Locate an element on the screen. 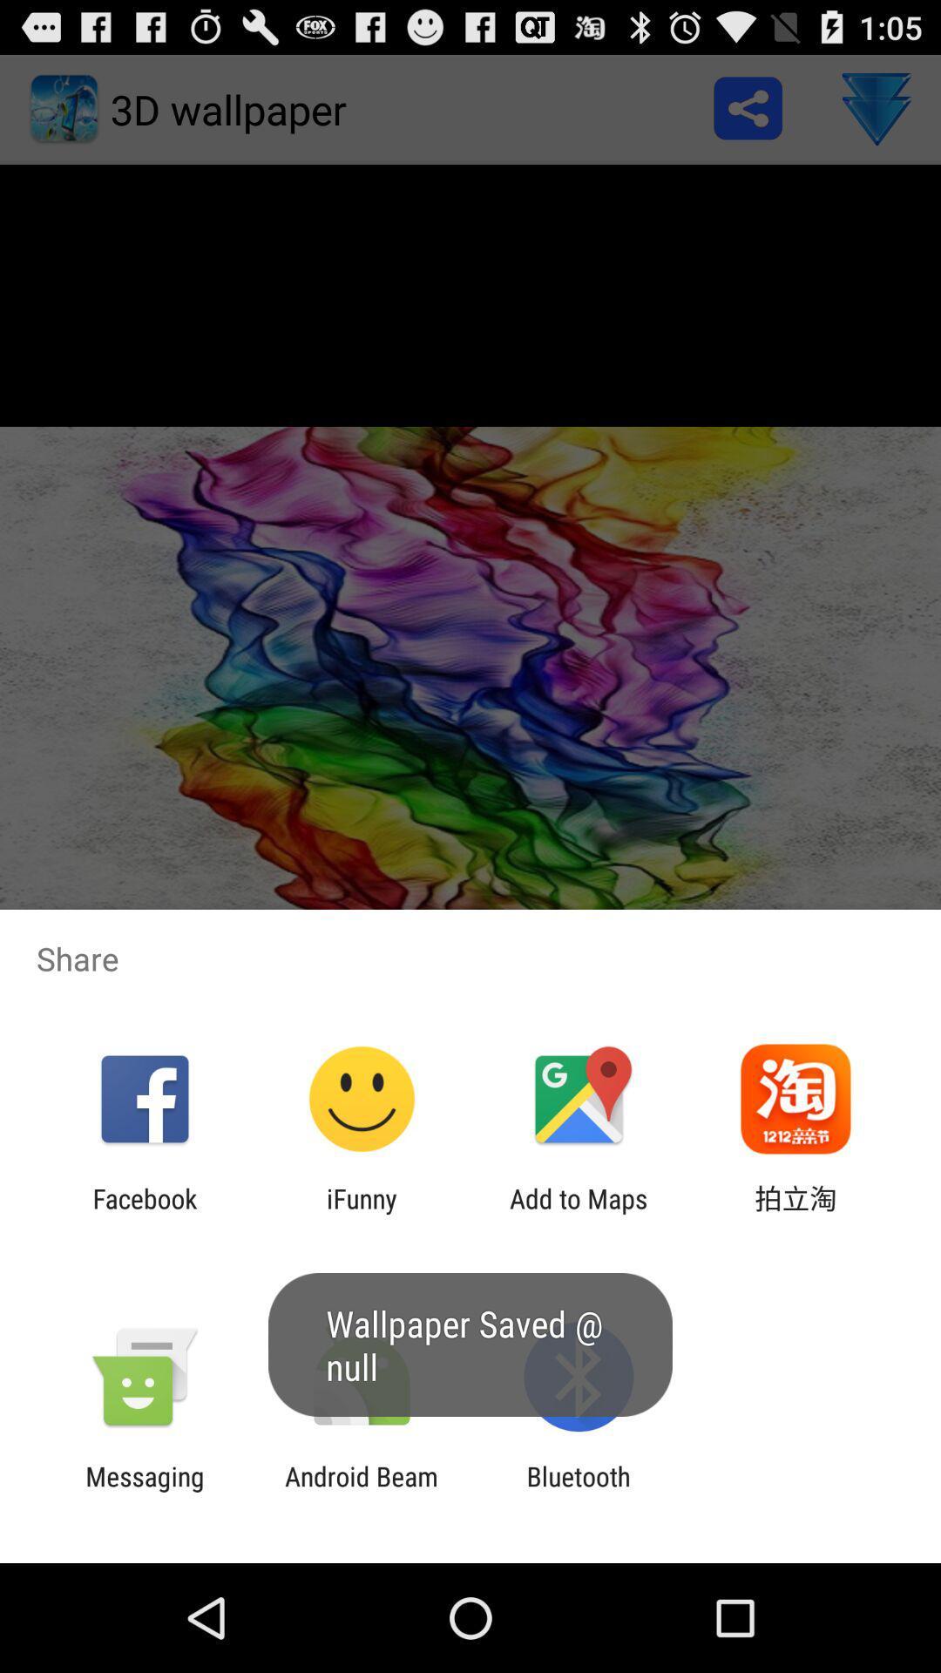 The width and height of the screenshot is (941, 1673). the bluetooth app is located at coordinates (579, 1491).